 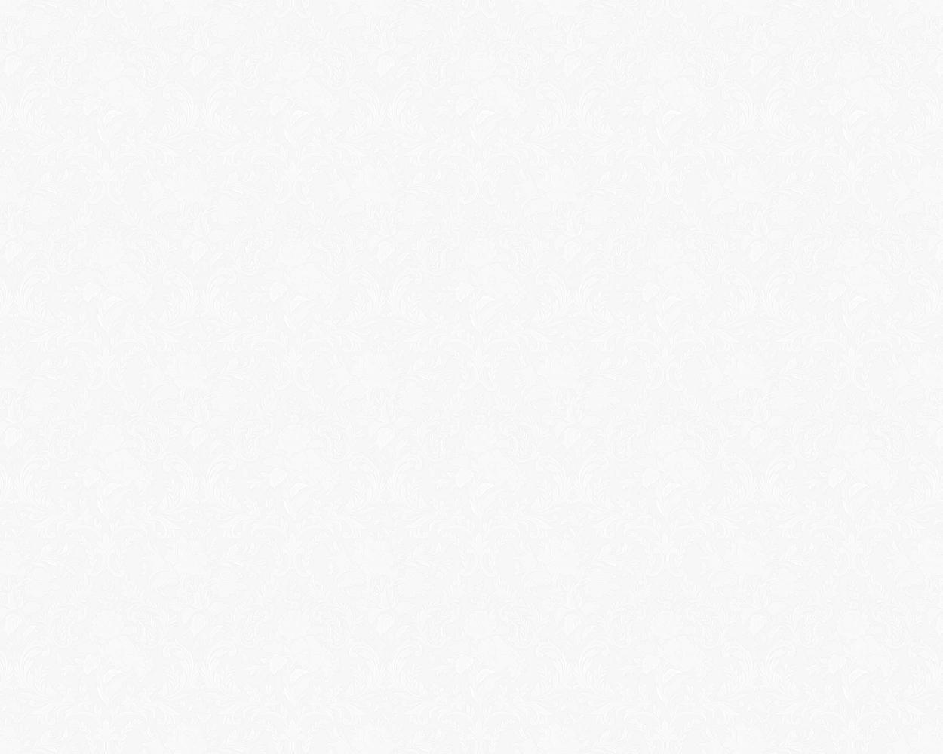 I want to click on 'Sketched Out V1', so click(x=154, y=564).